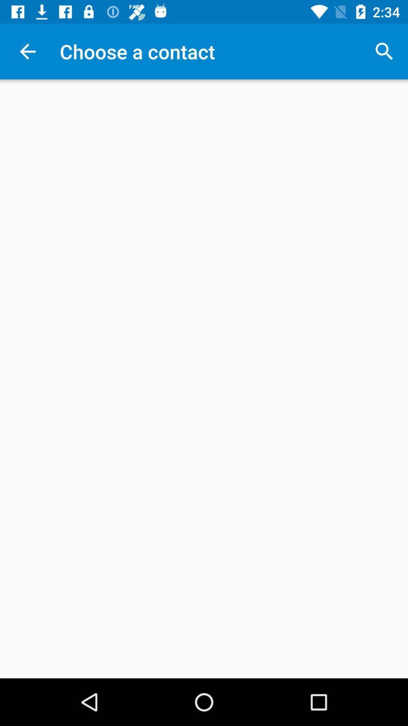  What do you see at coordinates (384, 51) in the screenshot?
I see `icon to the right of choose a contact app` at bounding box center [384, 51].